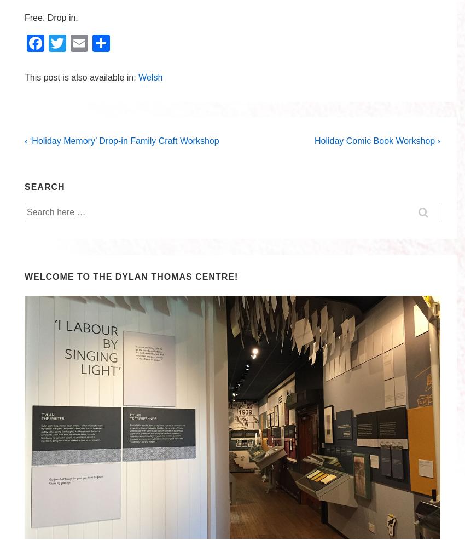 The width and height of the screenshot is (465, 540). I want to click on 'Free. Drop in.', so click(50, 16).